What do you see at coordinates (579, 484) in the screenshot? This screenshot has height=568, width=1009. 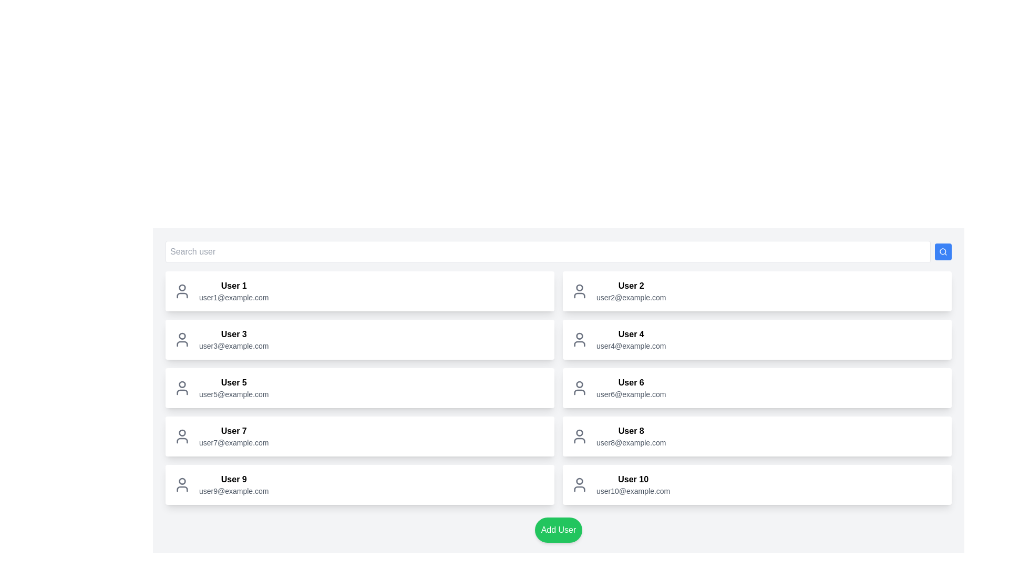 I see `the user icon, which is a gray circular outline with a head and shoulders representation, located in the top-left area of the card displaying 'User 10' and 'user10@example.com'` at bounding box center [579, 484].